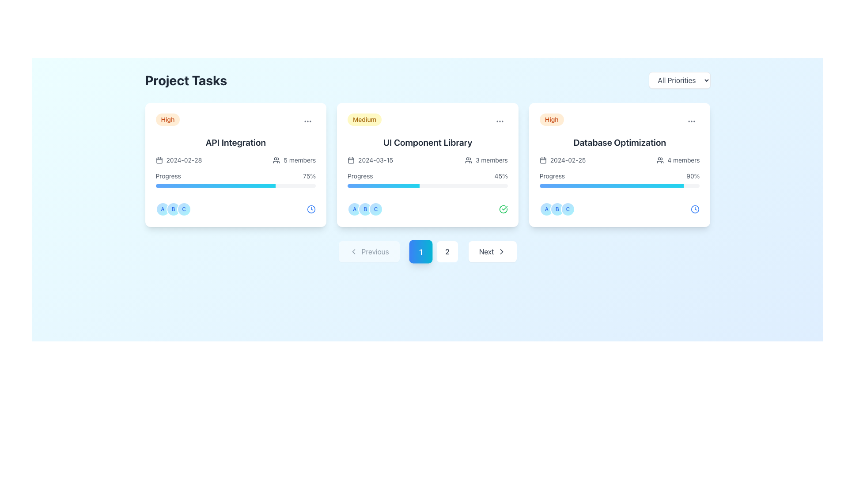 The height and width of the screenshot is (477, 848). I want to click on the right-facing chevron icon that is part of the 'Next' button located at the bottom center-right of the interface, so click(502, 252).